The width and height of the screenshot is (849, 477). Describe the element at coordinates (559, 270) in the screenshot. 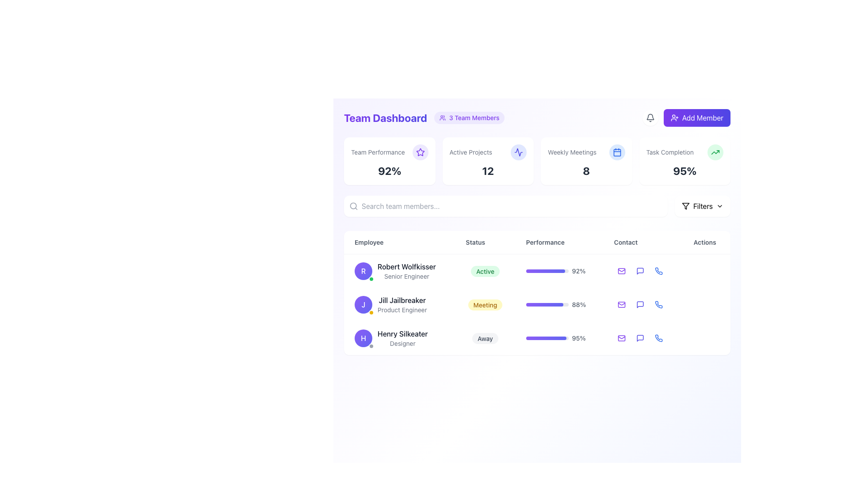

I see `the progress bar indicating '92%' in the 'Performance' column for 'Robert Wolfkisser'` at that location.